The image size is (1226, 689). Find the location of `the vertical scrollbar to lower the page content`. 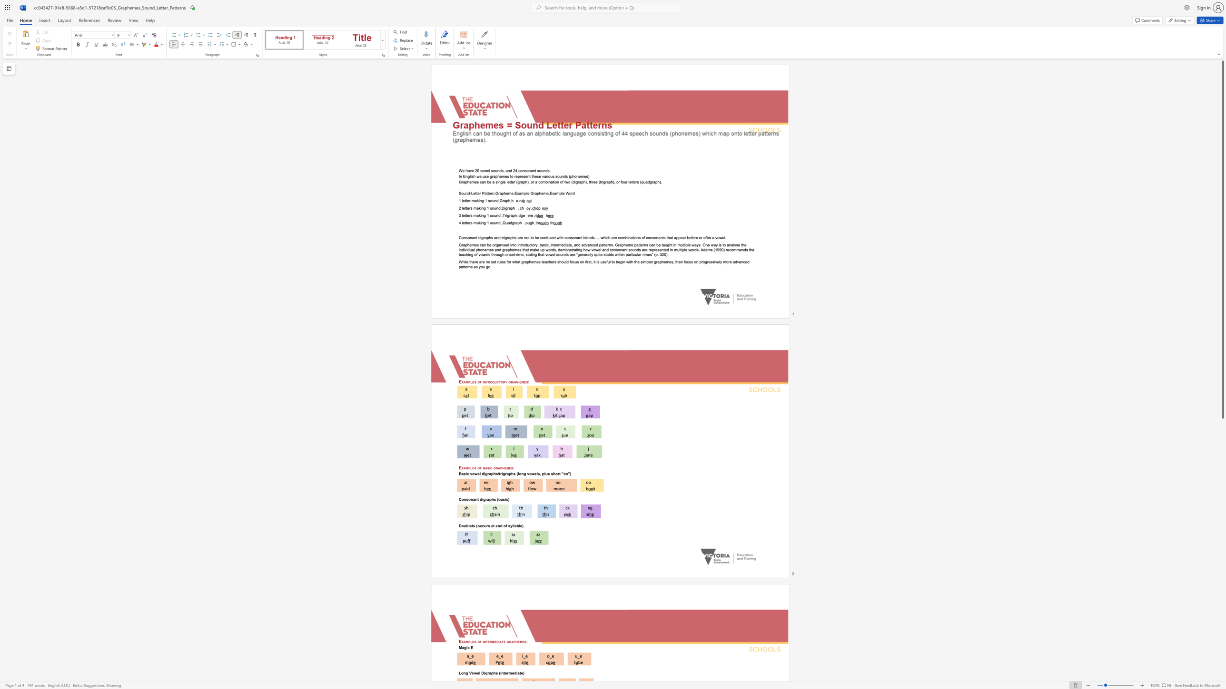

the vertical scrollbar to lower the page content is located at coordinates (1222, 596).